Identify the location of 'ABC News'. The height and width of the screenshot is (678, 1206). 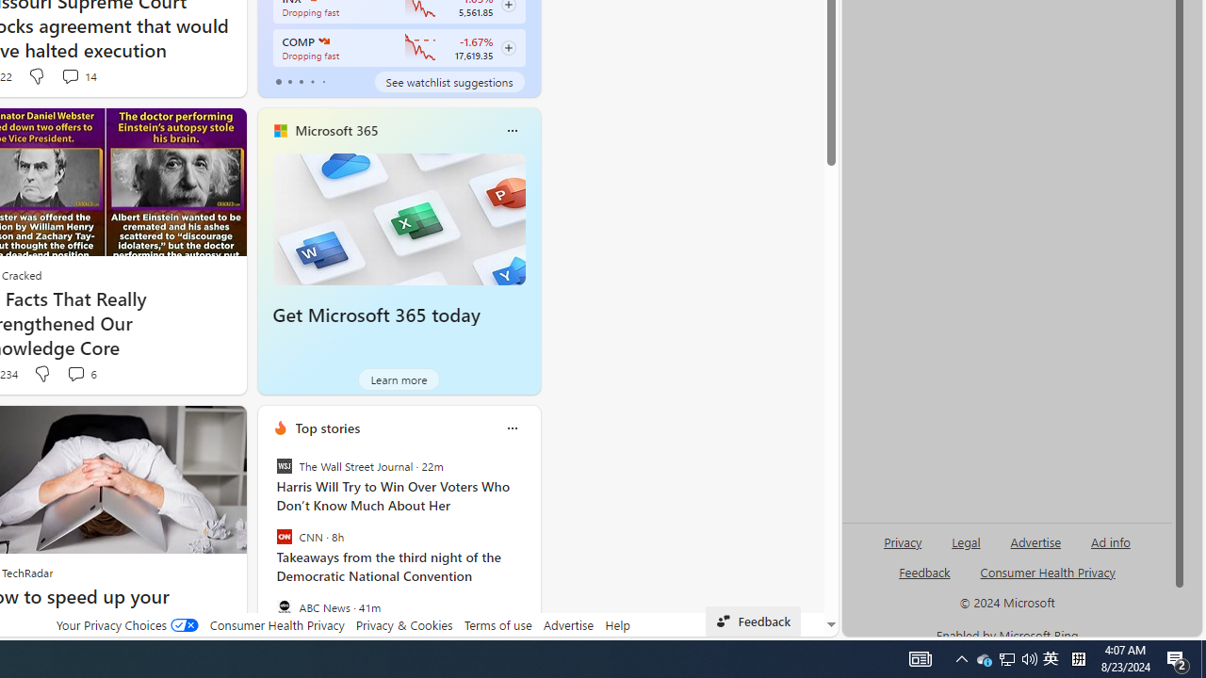
(283, 606).